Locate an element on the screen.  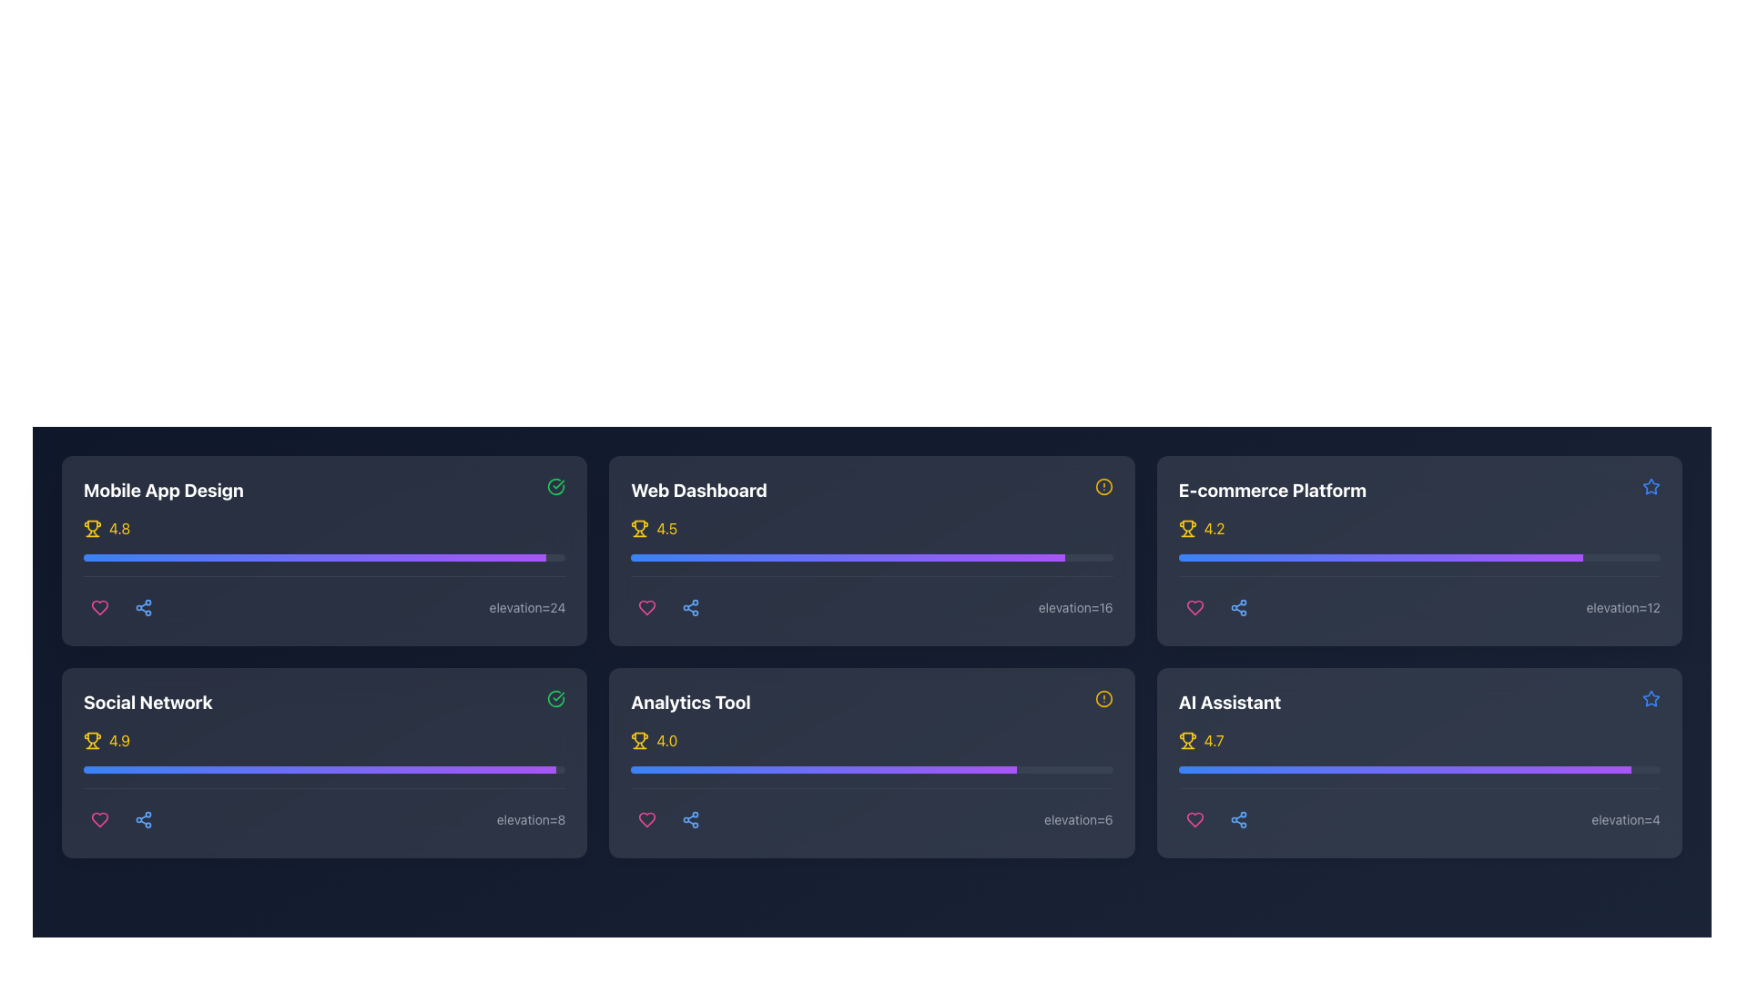
the yellow trophy icon that indicates a rating of 4.7 in the 'AI Assistant' section, positioned near the bottom of the card is located at coordinates (1187, 740).